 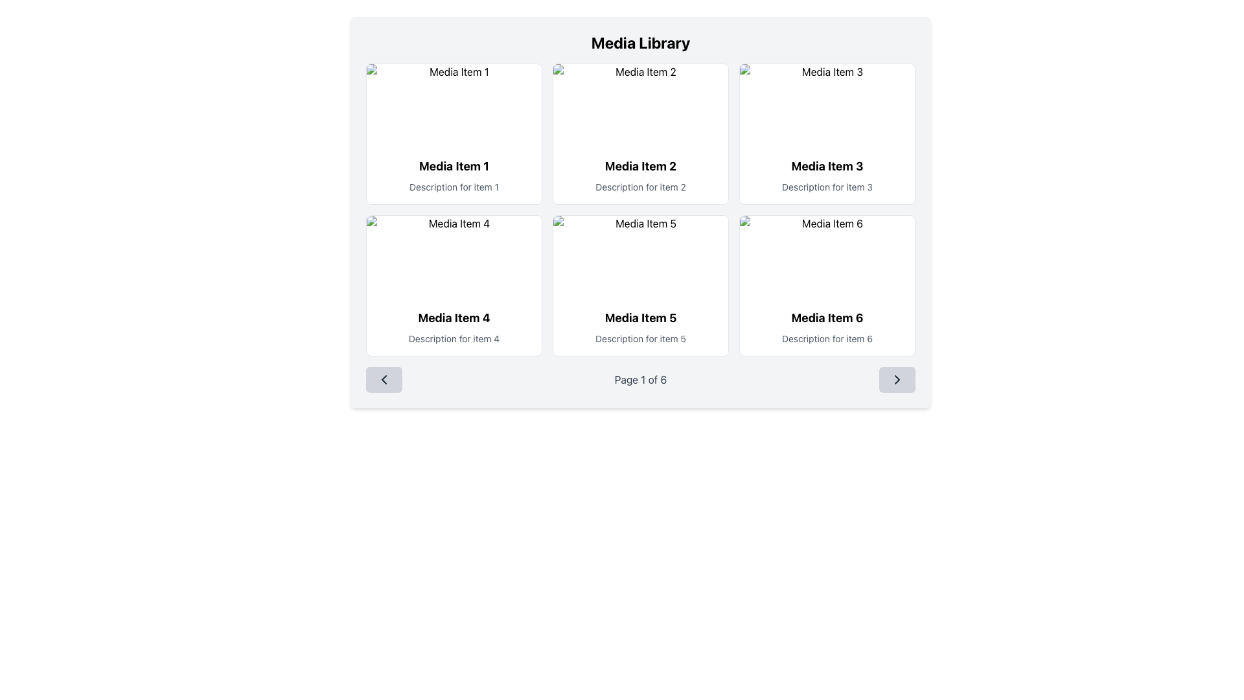 What do you see at coordinates (897, 379) in the screenshot?
I see `the right-facing chevron arrow icon used for navigation, located at the bottom right of the interface, adjacent to the pagination section labeled 'Page 1 of 6'` at bounding box center [897, 379].